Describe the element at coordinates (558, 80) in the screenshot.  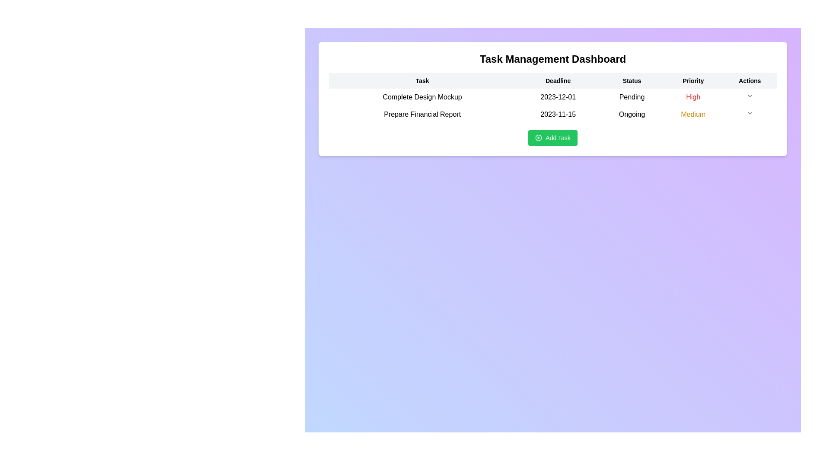
I see `the 'Deadline' text label` at that location.